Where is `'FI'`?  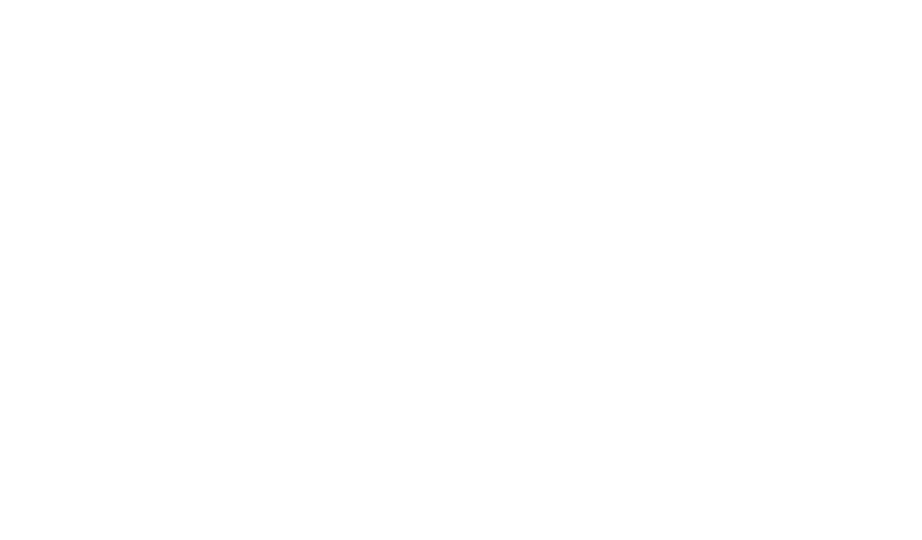
'FI' is located at coordinates (220, 20).